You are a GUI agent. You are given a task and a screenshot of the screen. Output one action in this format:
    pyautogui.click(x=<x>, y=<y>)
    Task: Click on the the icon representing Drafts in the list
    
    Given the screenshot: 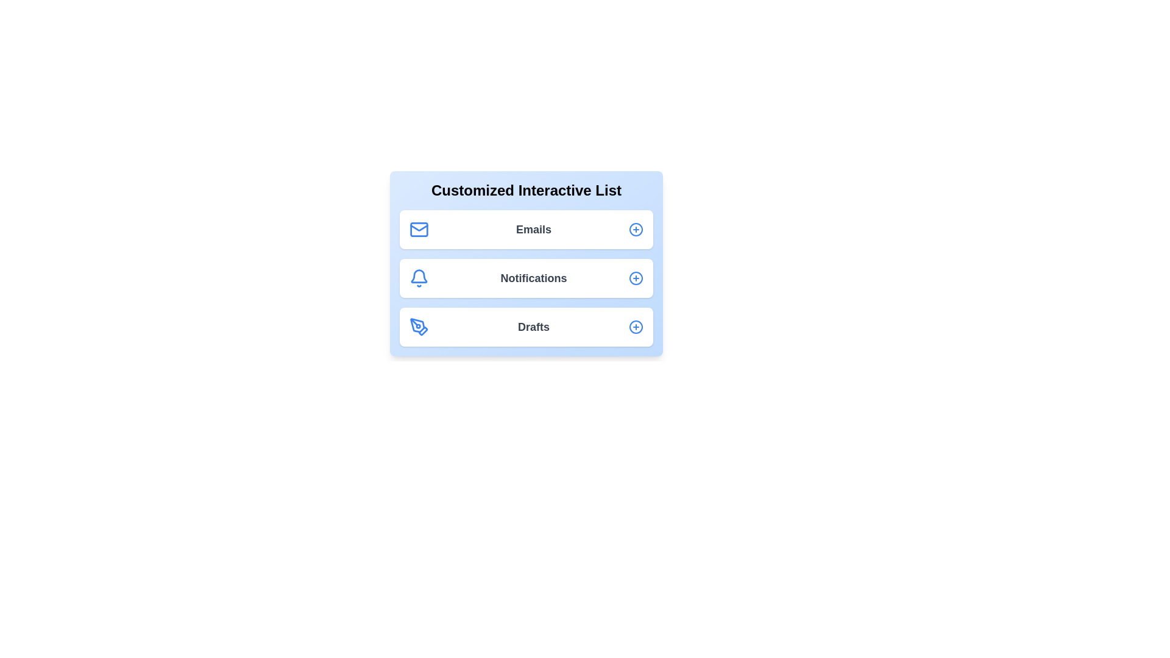 What is the action you would take?
    pyautogui.click(x=419, y=326)
    